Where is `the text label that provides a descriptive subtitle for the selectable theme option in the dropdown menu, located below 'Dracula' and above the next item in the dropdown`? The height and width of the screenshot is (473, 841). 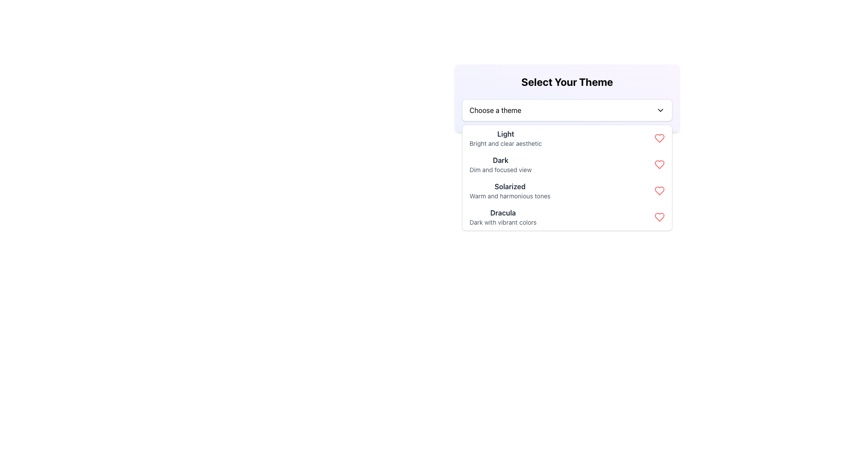 the text label that provides a descriptive subtitle for the selectable theme option in the dropdown menu, located below 'Dracula' and above the next item in the dropdown is located at coordinates (503, 222).